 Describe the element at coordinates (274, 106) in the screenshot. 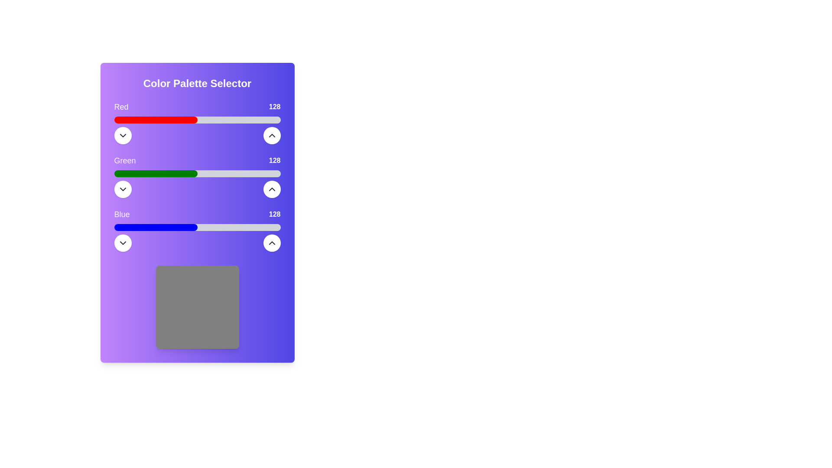

I see `the label displaying the number '128' in bold font, which is located to the right of the 'Red' horizontal slider in the color palette interface` at that location.